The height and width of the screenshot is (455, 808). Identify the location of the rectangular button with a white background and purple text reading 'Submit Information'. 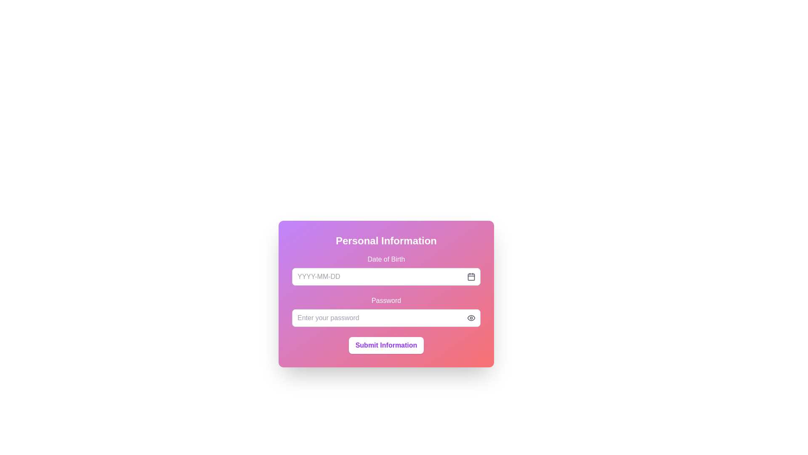
(385, 345).